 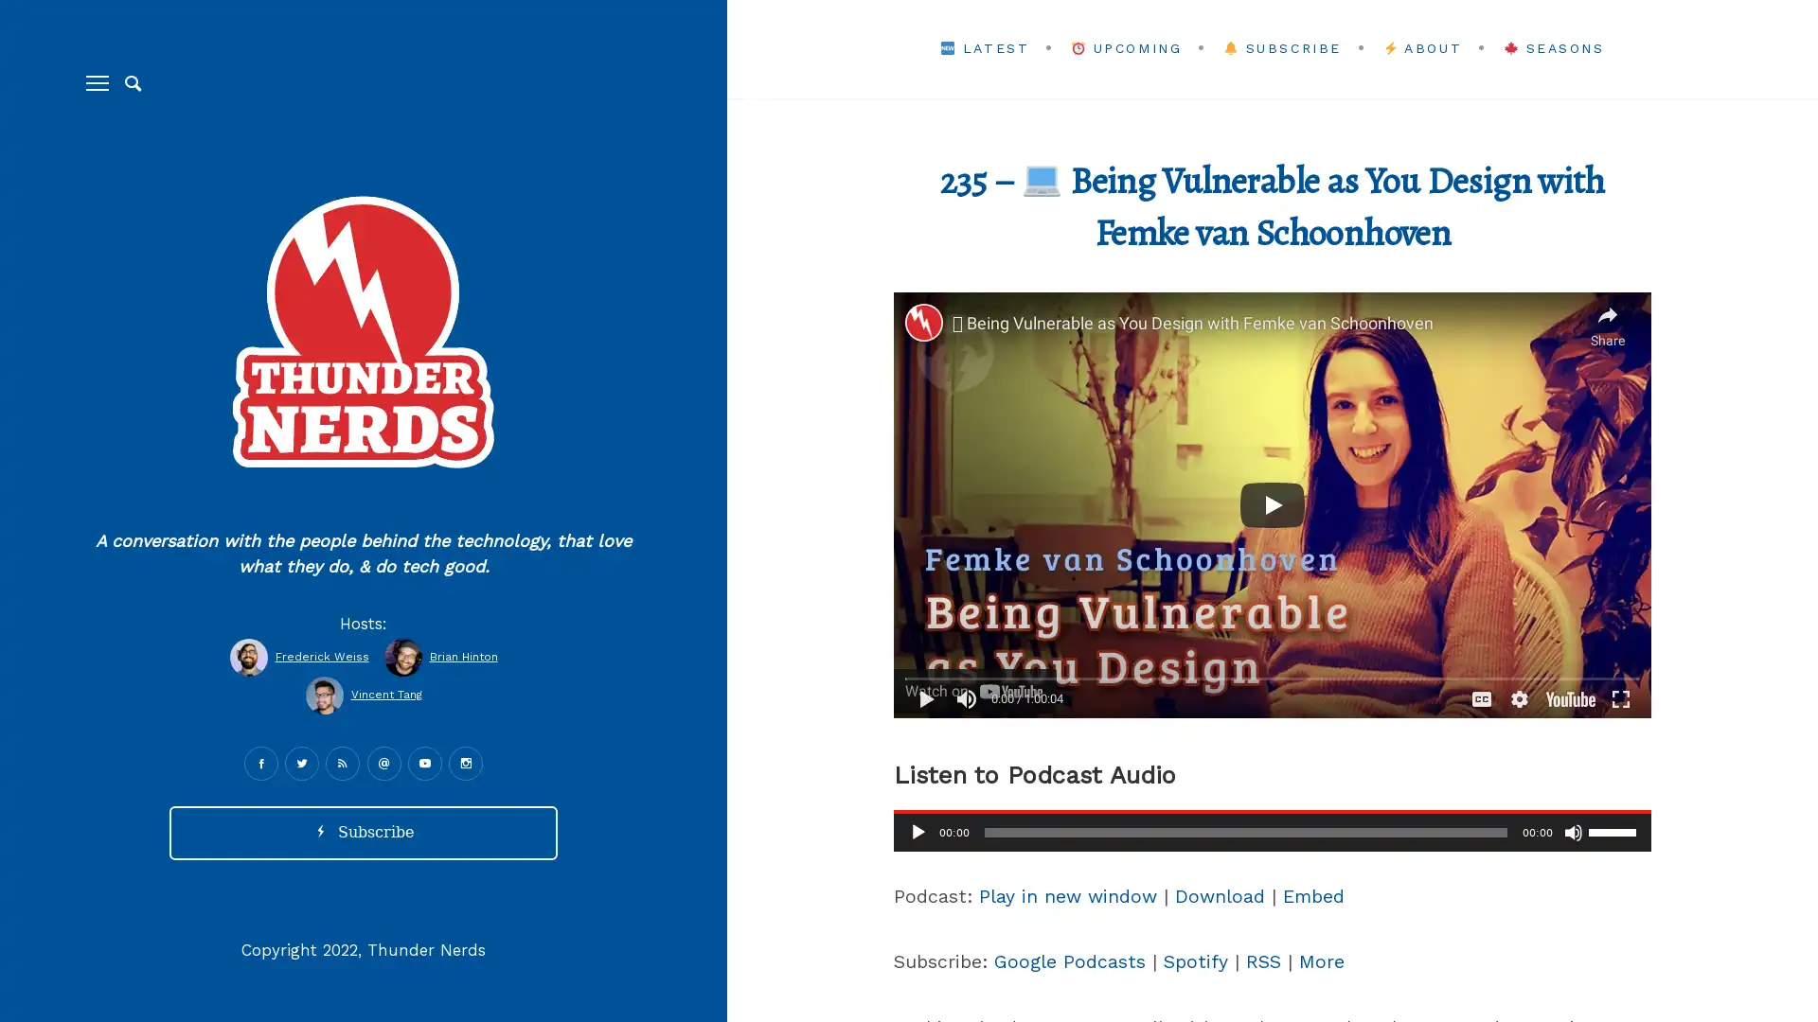 What do you see at coordinates (918, 831) in the screenshot?
I see `Play` at bounding box center [918, 831].